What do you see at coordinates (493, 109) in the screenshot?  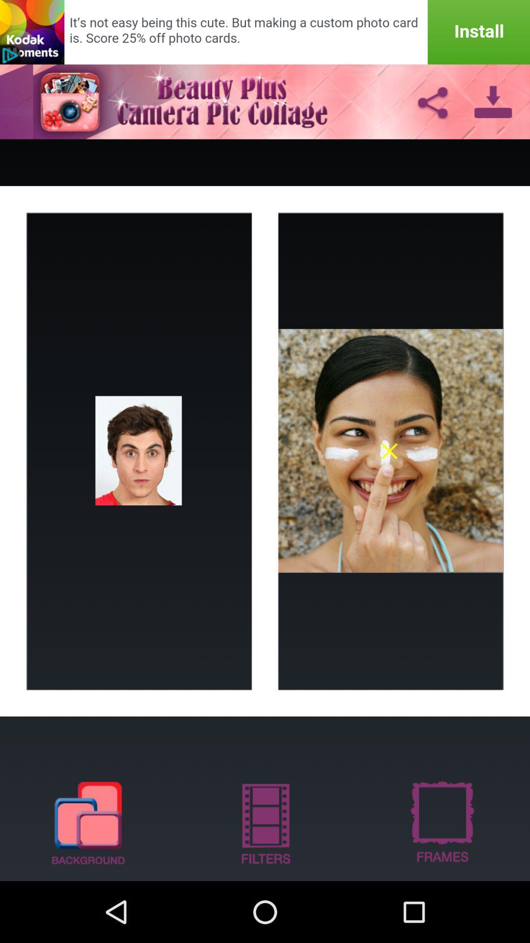 I see `the file_download icon` at bounding box center [493, 109].